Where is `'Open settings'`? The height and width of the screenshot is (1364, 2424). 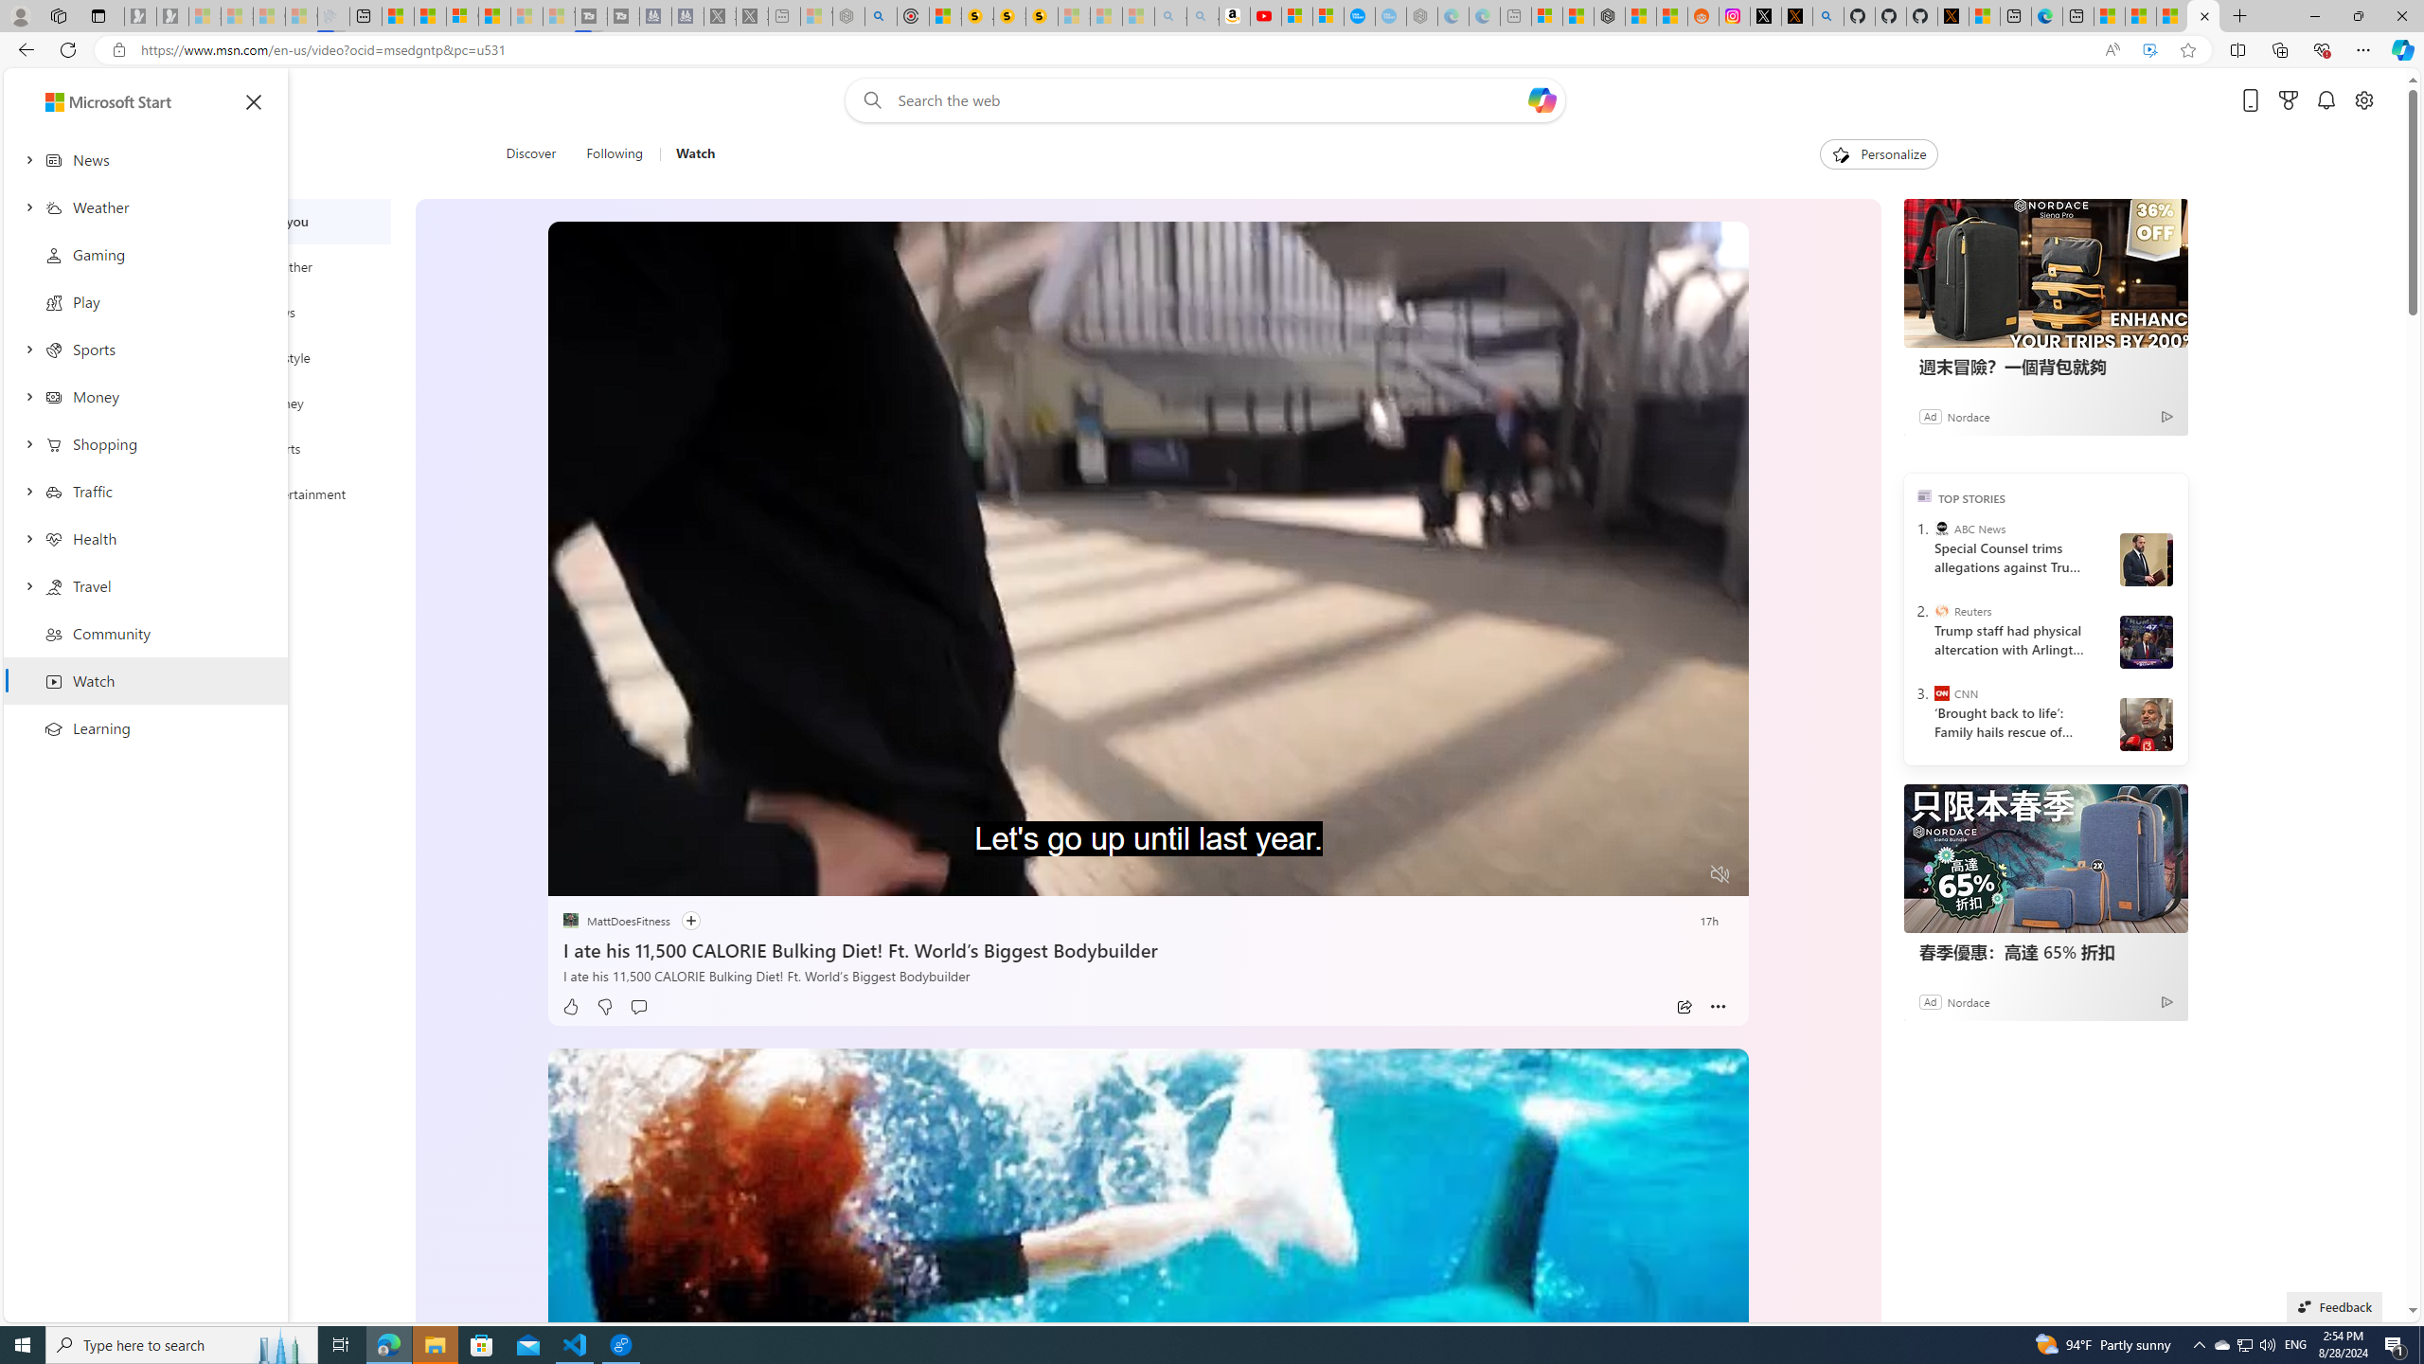
'Open settings' is located at coordinates (2363, 100).